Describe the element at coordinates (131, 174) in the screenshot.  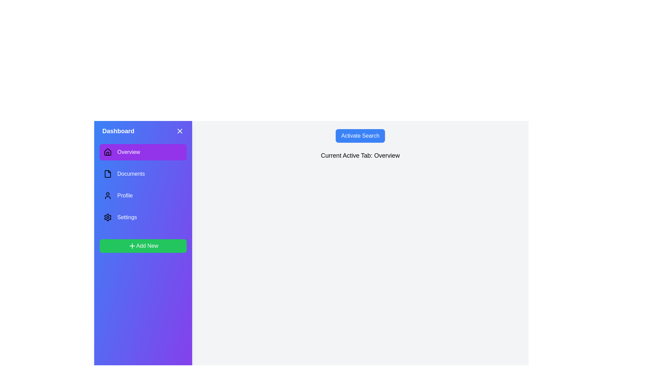
I see `the 'Documents' text label, which is displayed in white color with a medium-weight font, located in the vertical navigation menu beside a file icon` at that location.